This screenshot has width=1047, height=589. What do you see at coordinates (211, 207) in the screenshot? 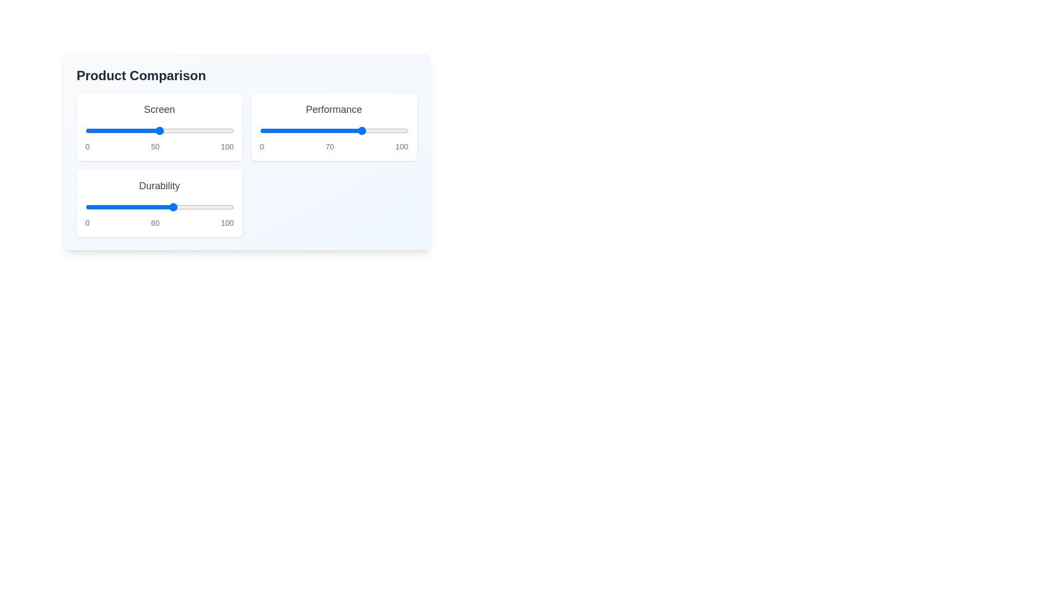
I see `the 'Durability' slider to 85` at bounding box center [211, 207].